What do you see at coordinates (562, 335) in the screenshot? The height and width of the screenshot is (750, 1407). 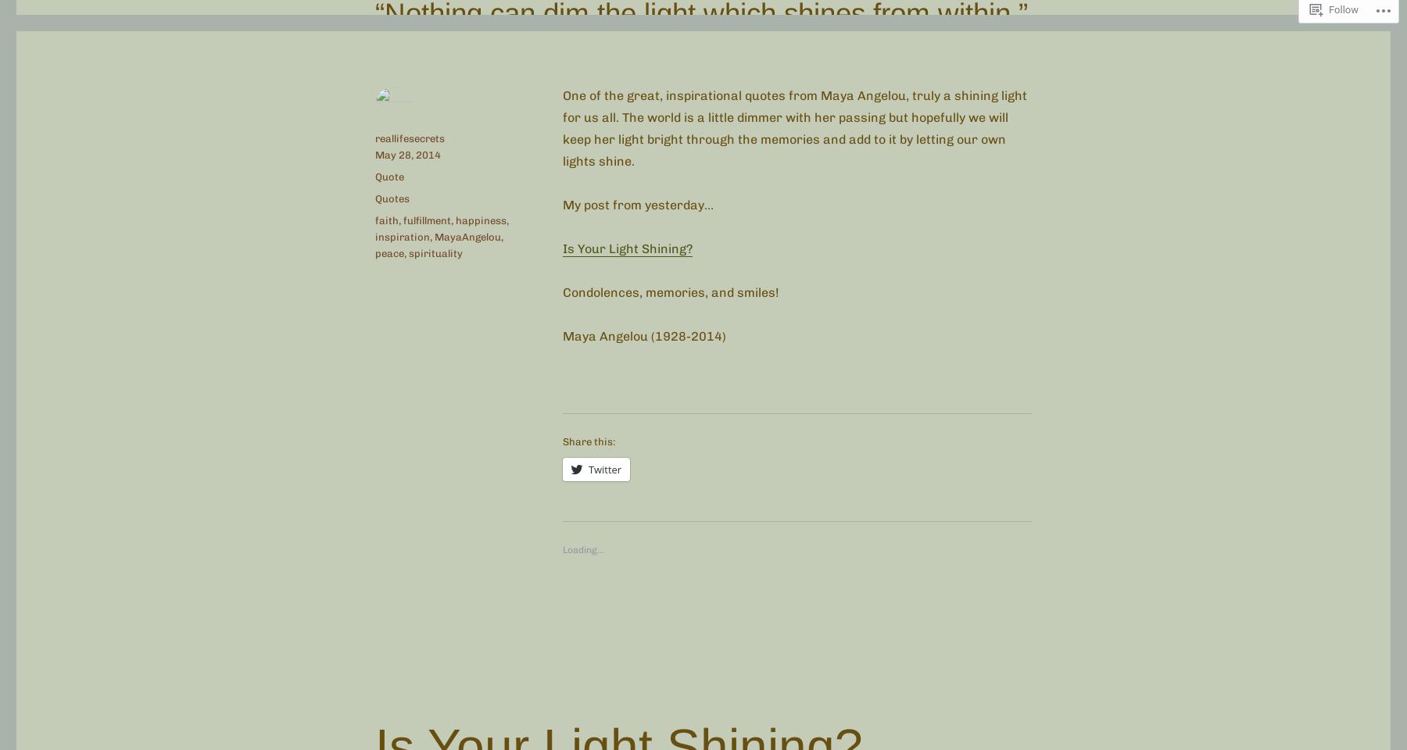 I see `'Maya Angelou (1928-2014)'` at bounding box center [562, 335].